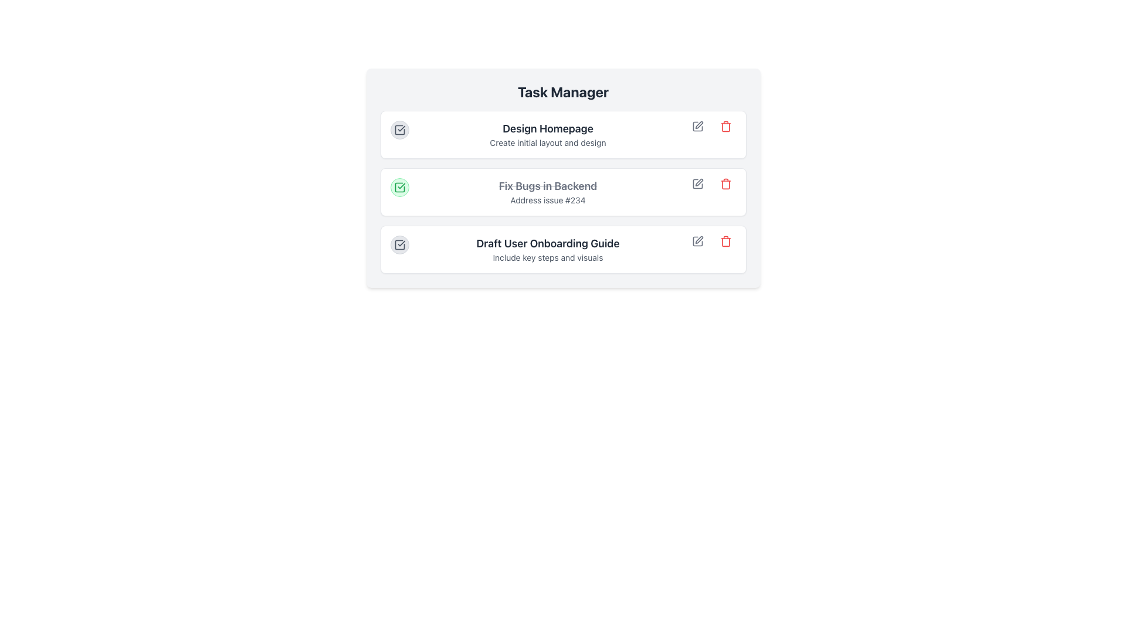 The width and height of the screenshot is (1126, 633). I want to click on the circular button with a light gray background and a checkmark icon, located to the far left of the 'Design Homepage' task title, so click(399, 130).